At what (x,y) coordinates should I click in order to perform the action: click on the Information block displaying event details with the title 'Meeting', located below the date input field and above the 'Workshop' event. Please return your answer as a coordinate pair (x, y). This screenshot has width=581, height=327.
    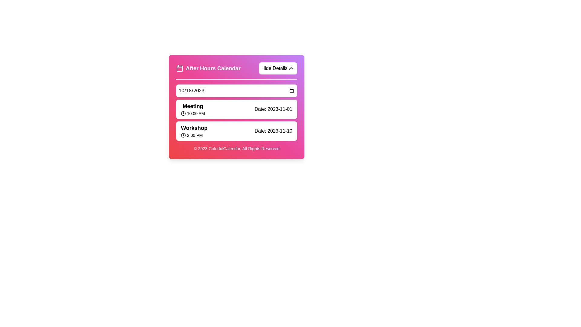
    Looking at the image, I should click on (236, 109).